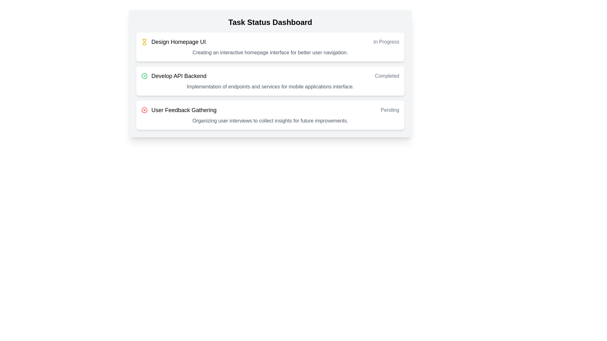 The image size is (607, 341). Describe the element at coordinates (144, 75) in the screenshot. I see `the green circular icon with a checkmark inside, which indicates completion or success, located to the left of the text 'Develop API Backend' in the second row of the task status panel` at that location.